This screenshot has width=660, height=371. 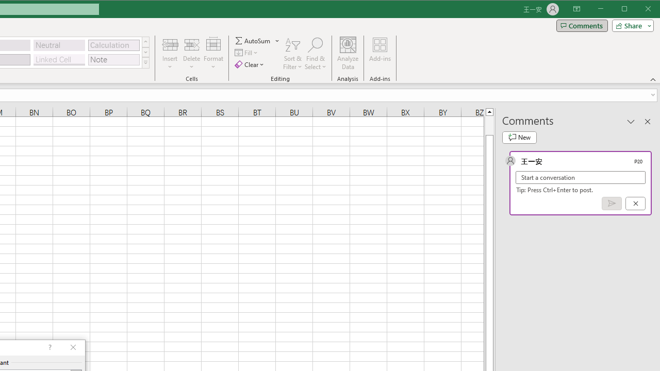 I want to click on 'Maximize', so click(x=638, y=10).